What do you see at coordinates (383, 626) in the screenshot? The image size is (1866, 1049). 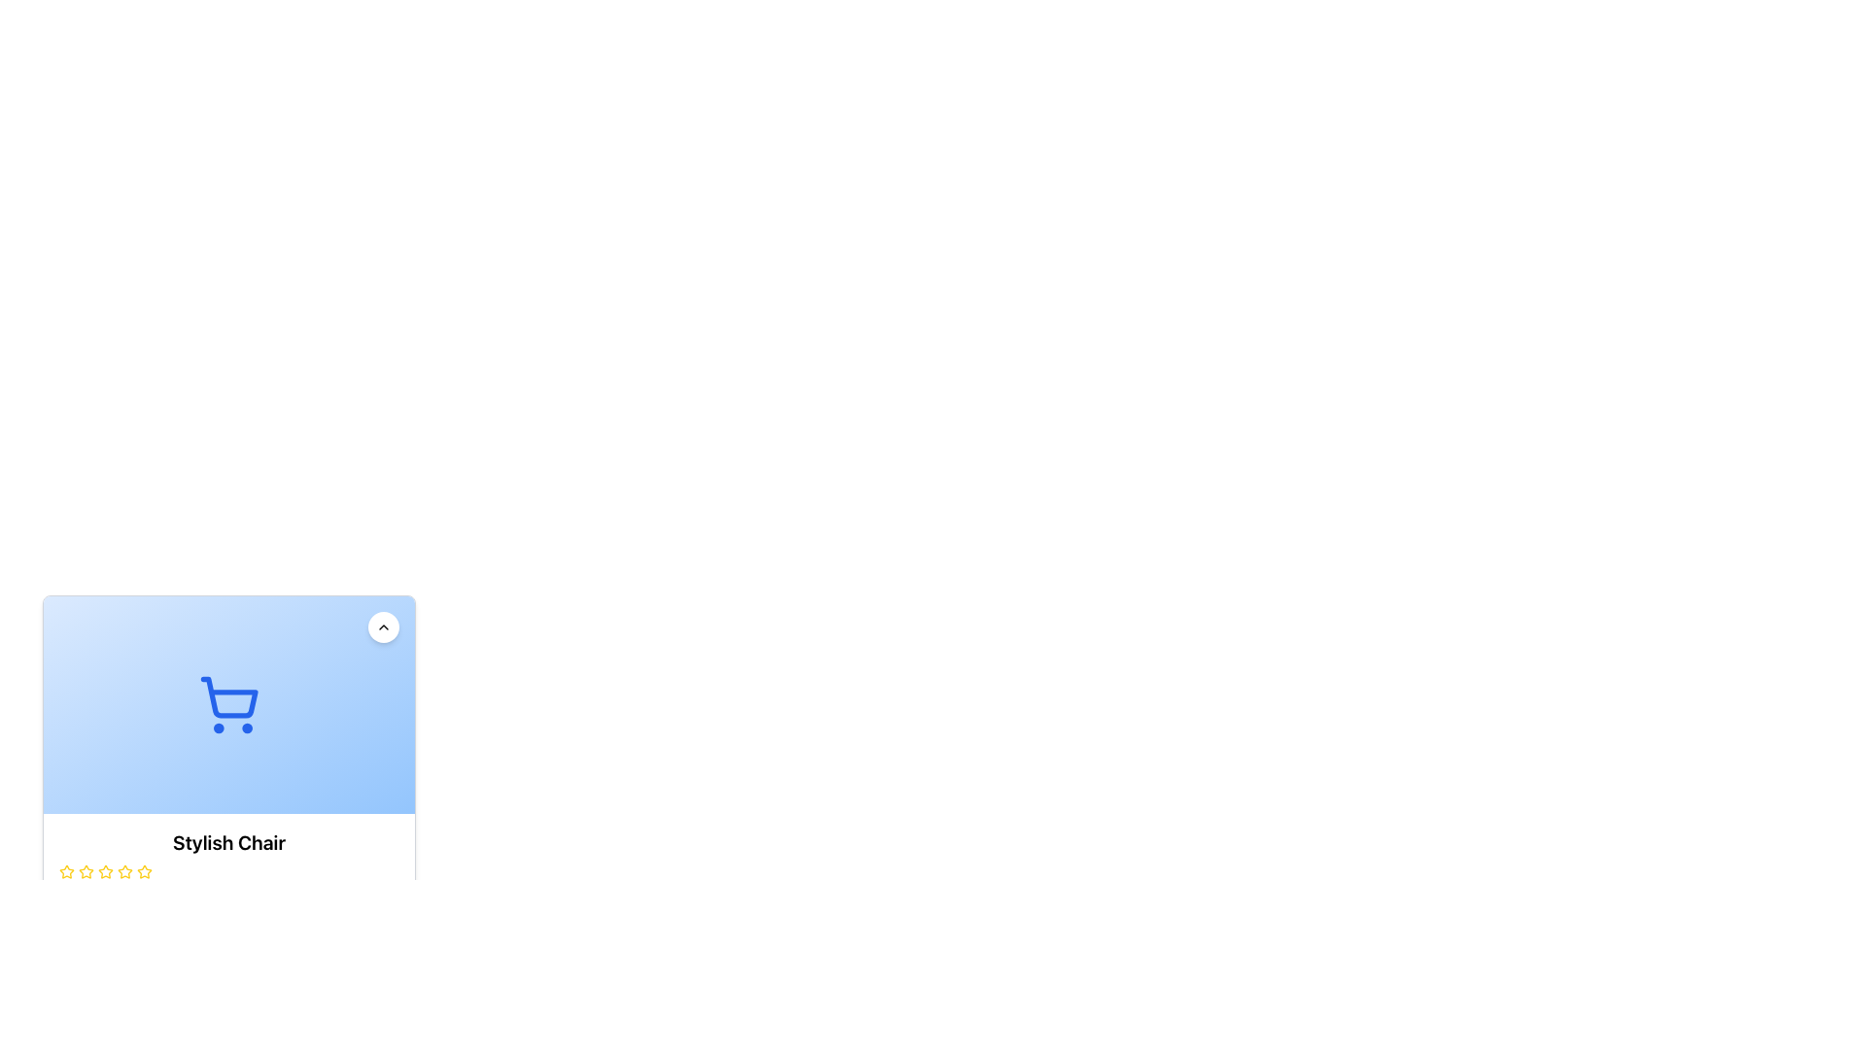 I see `the circular button with a white background and a black upward-pointing chevron icon located at the top-right corner of the card above the text 'Stylish Chair'` at bounding box center [383, 626].